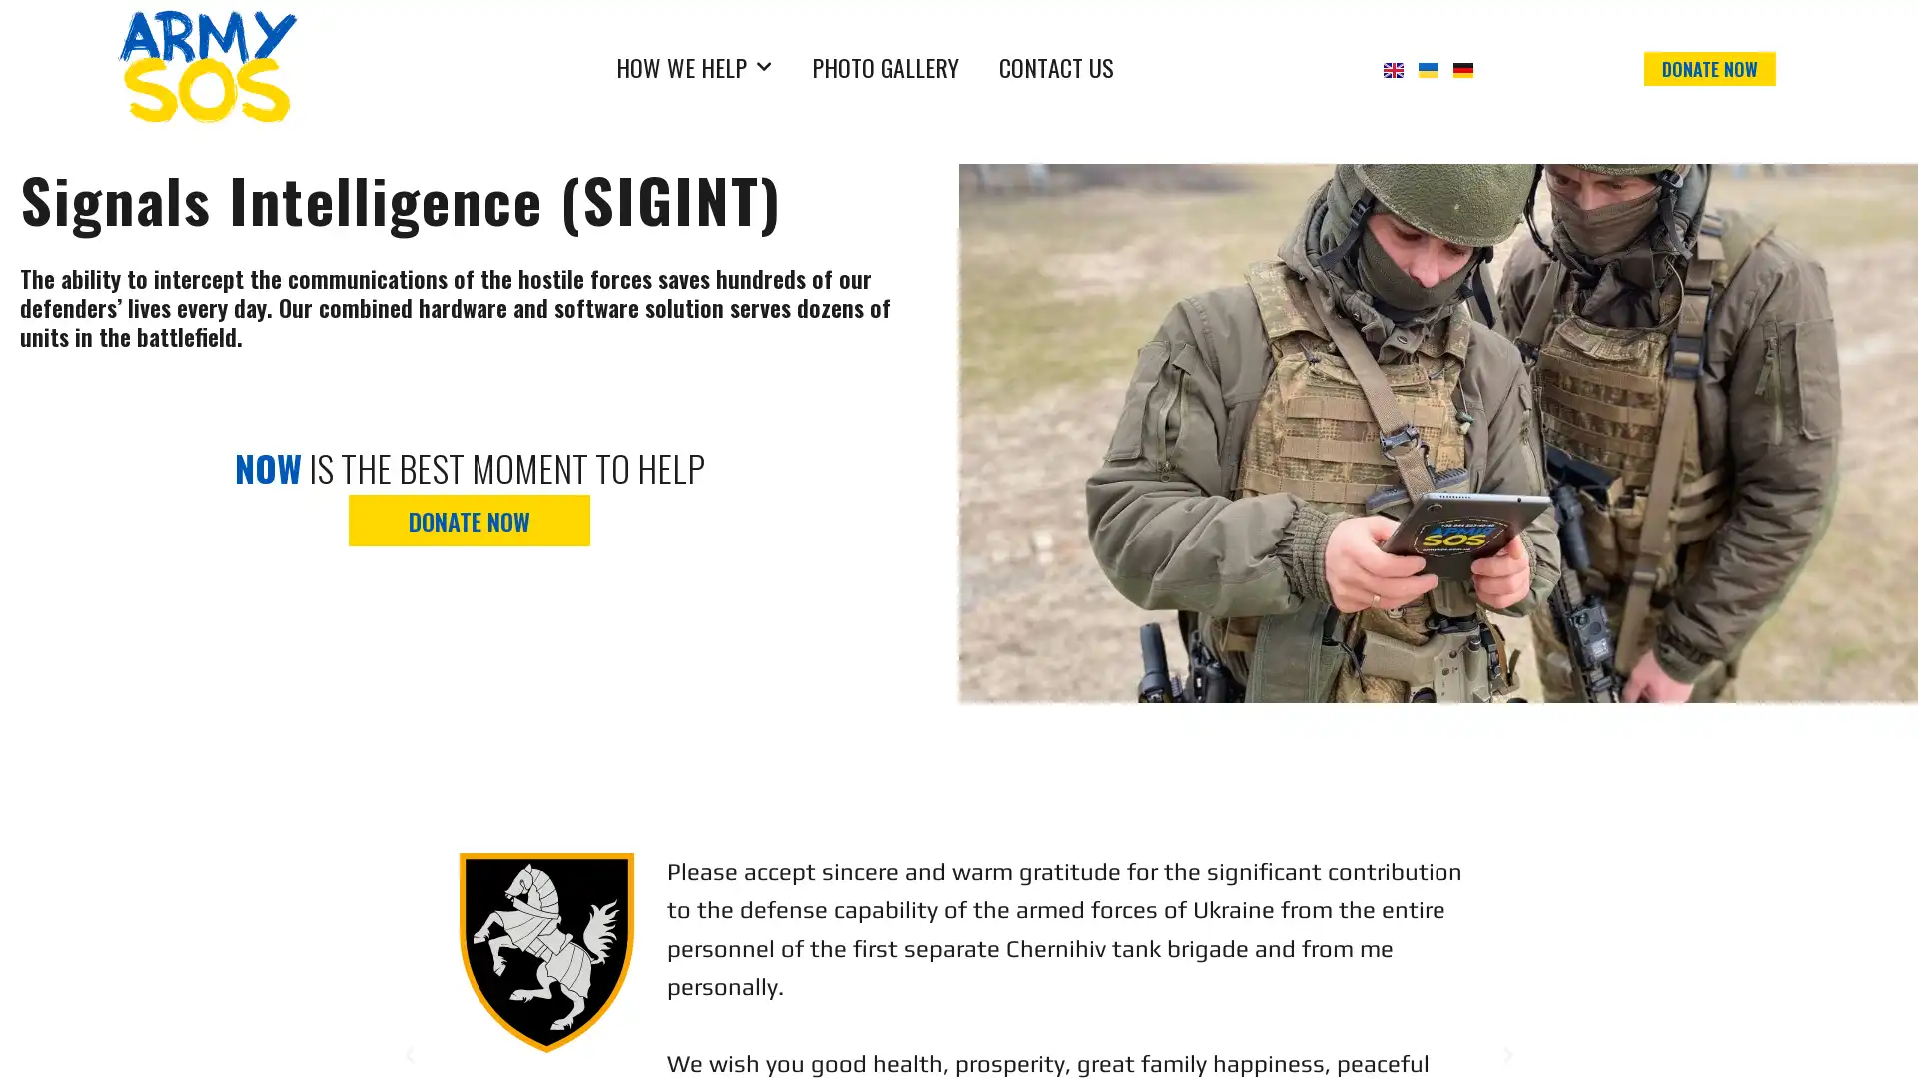 The height and width of the screenshot is (1079, 1918). What do you see at coordinates (1508, 1054) in the screenshot?
I see `Next slide` at bounding box center [1508, 1054].